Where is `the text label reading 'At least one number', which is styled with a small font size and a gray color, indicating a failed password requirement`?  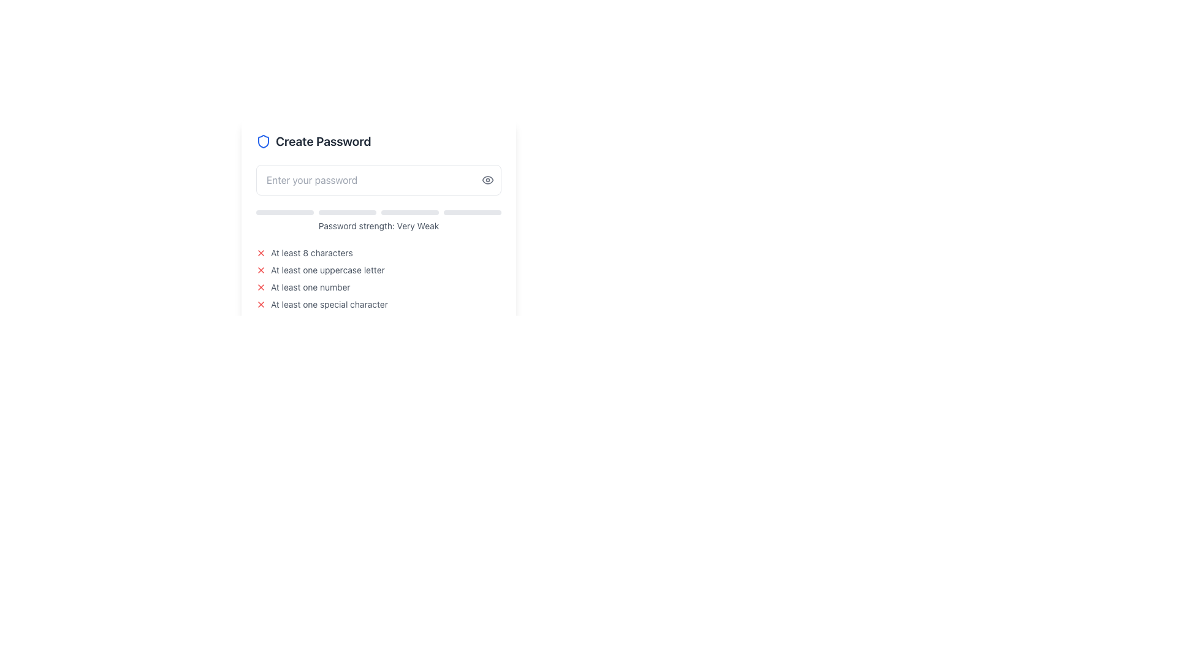
the text label reading 'At least one number', which is styled with a small font size and a gray color, indicating a failed password requirement is located at coordinates (310, 287).